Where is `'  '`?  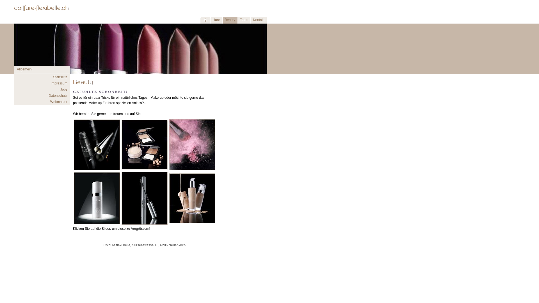 '  ' is located at coordinates (205, 20).